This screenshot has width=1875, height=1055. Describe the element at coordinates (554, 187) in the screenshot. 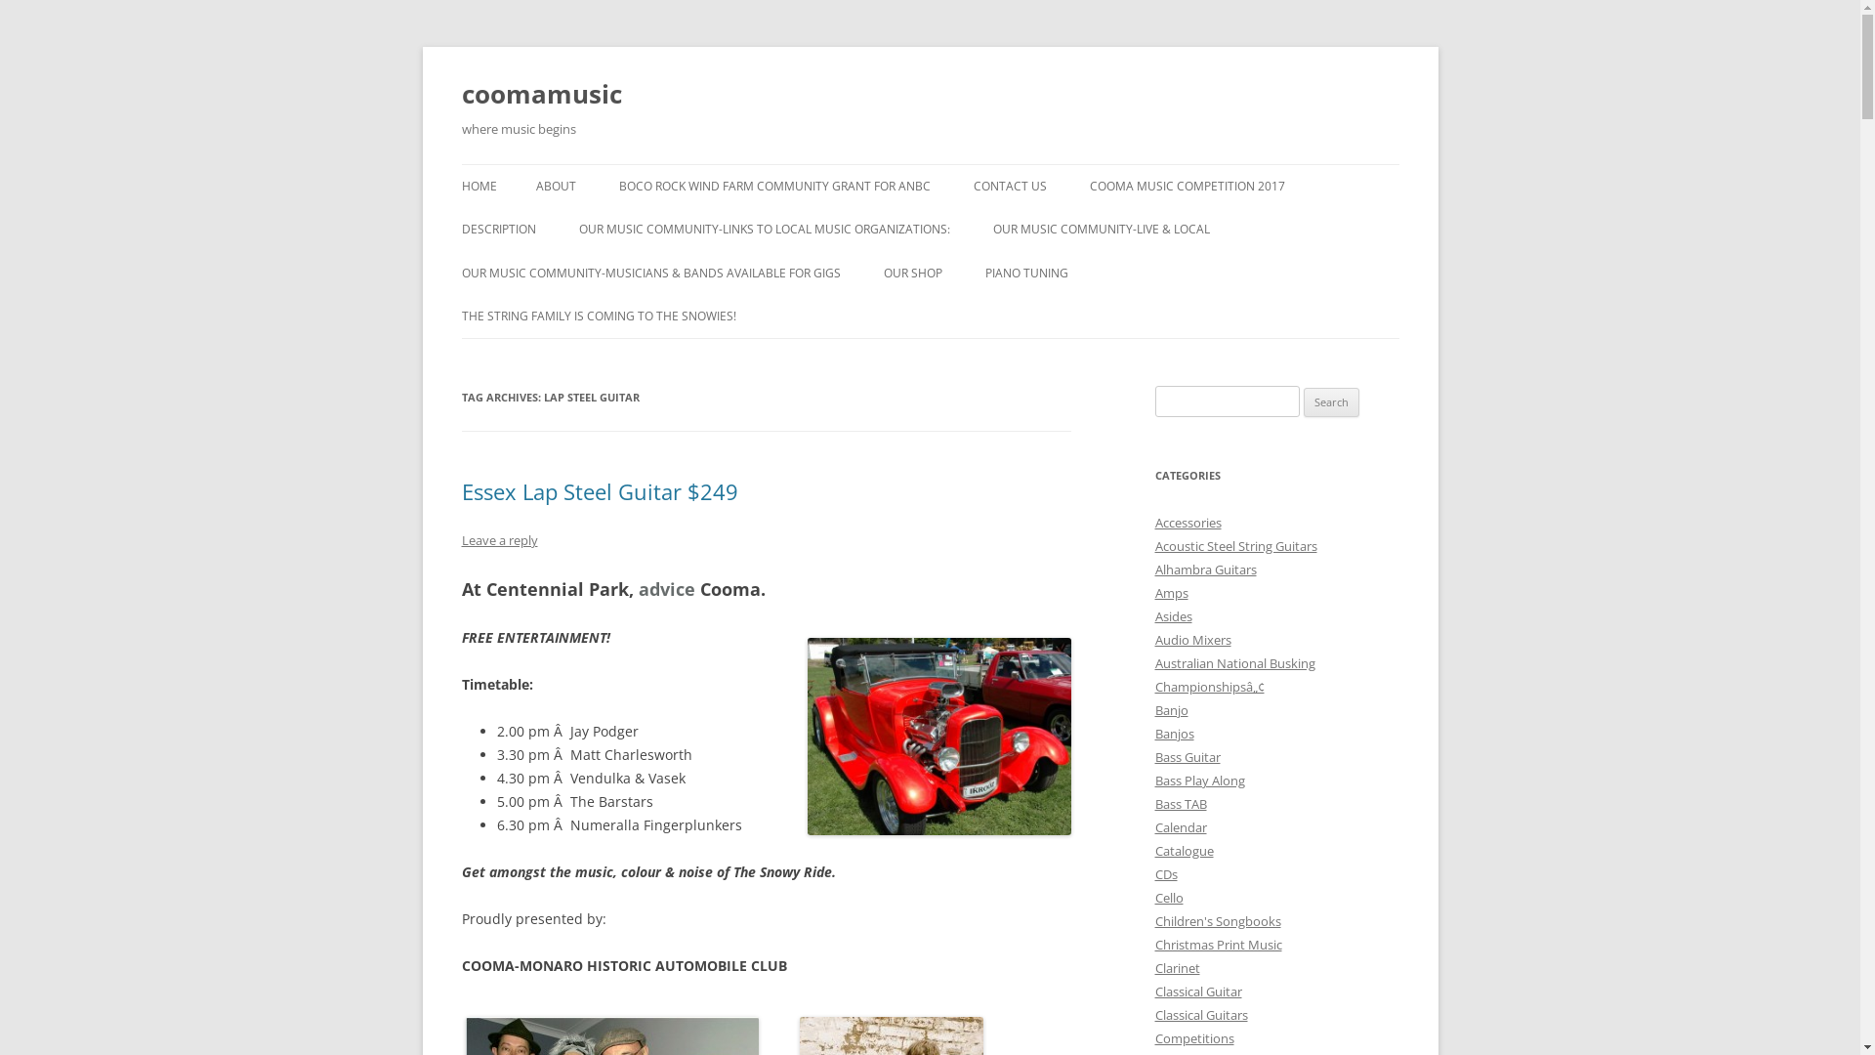

I see `'ABOUT'` at that location.